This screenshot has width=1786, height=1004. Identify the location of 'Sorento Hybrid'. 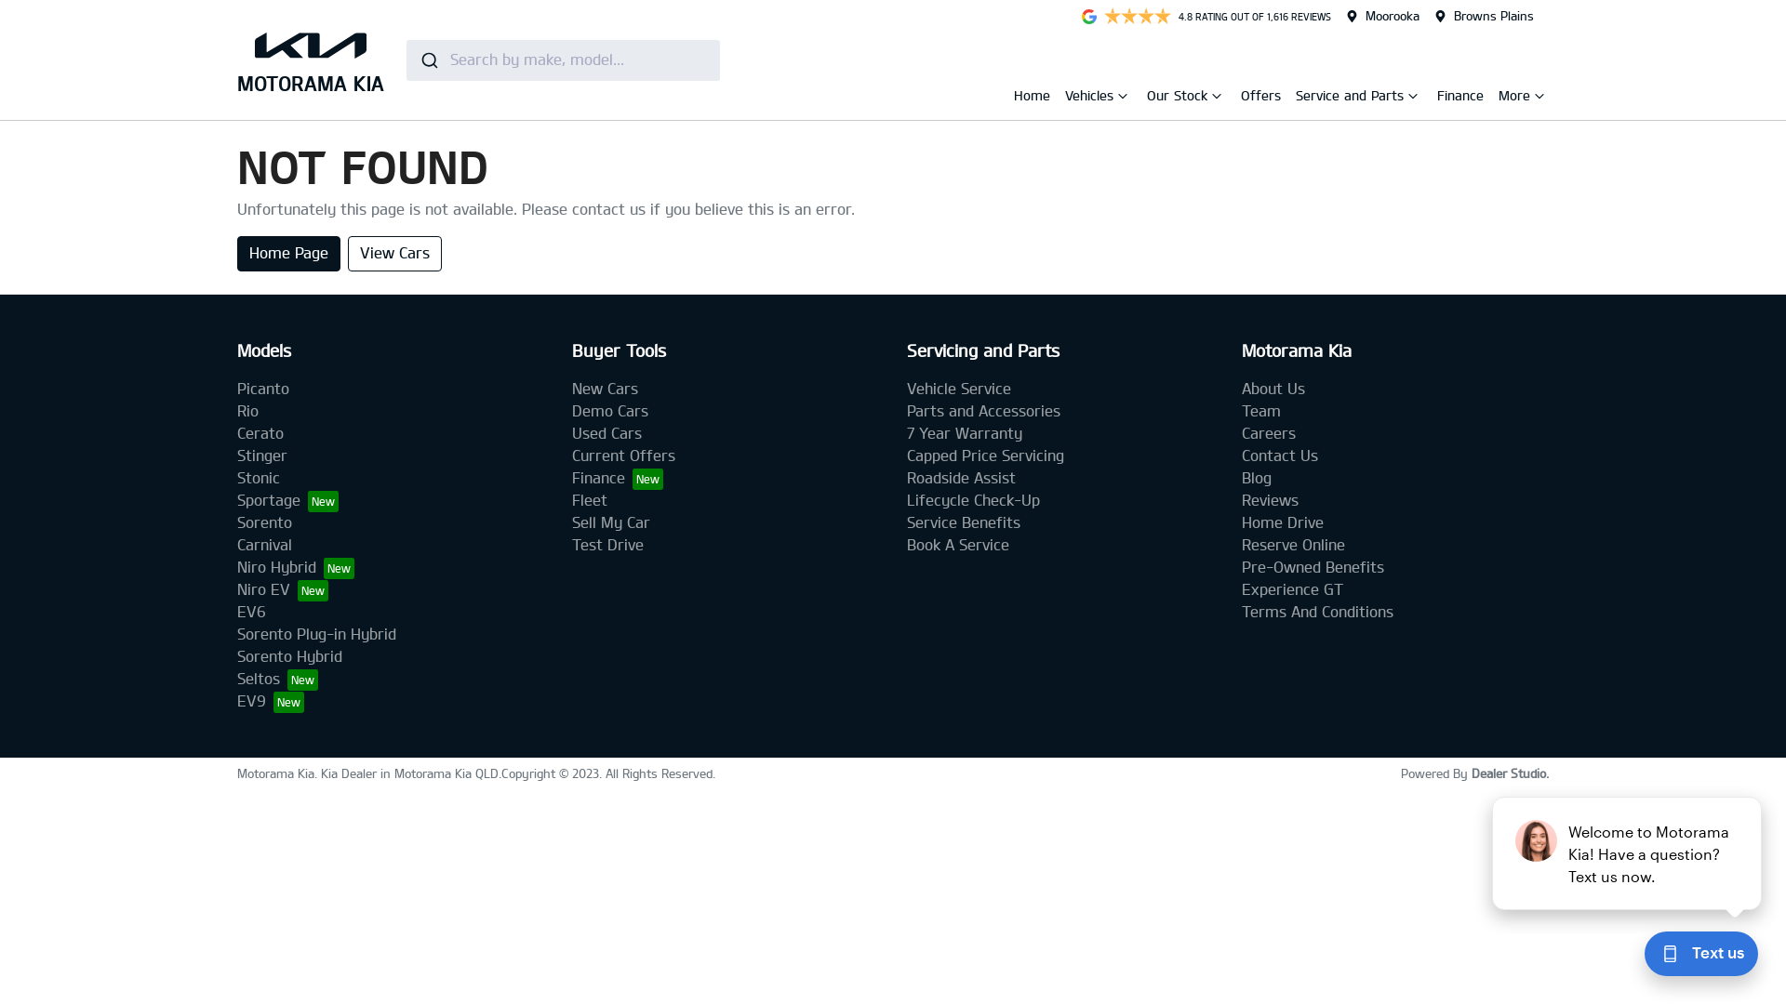
(288, 655).